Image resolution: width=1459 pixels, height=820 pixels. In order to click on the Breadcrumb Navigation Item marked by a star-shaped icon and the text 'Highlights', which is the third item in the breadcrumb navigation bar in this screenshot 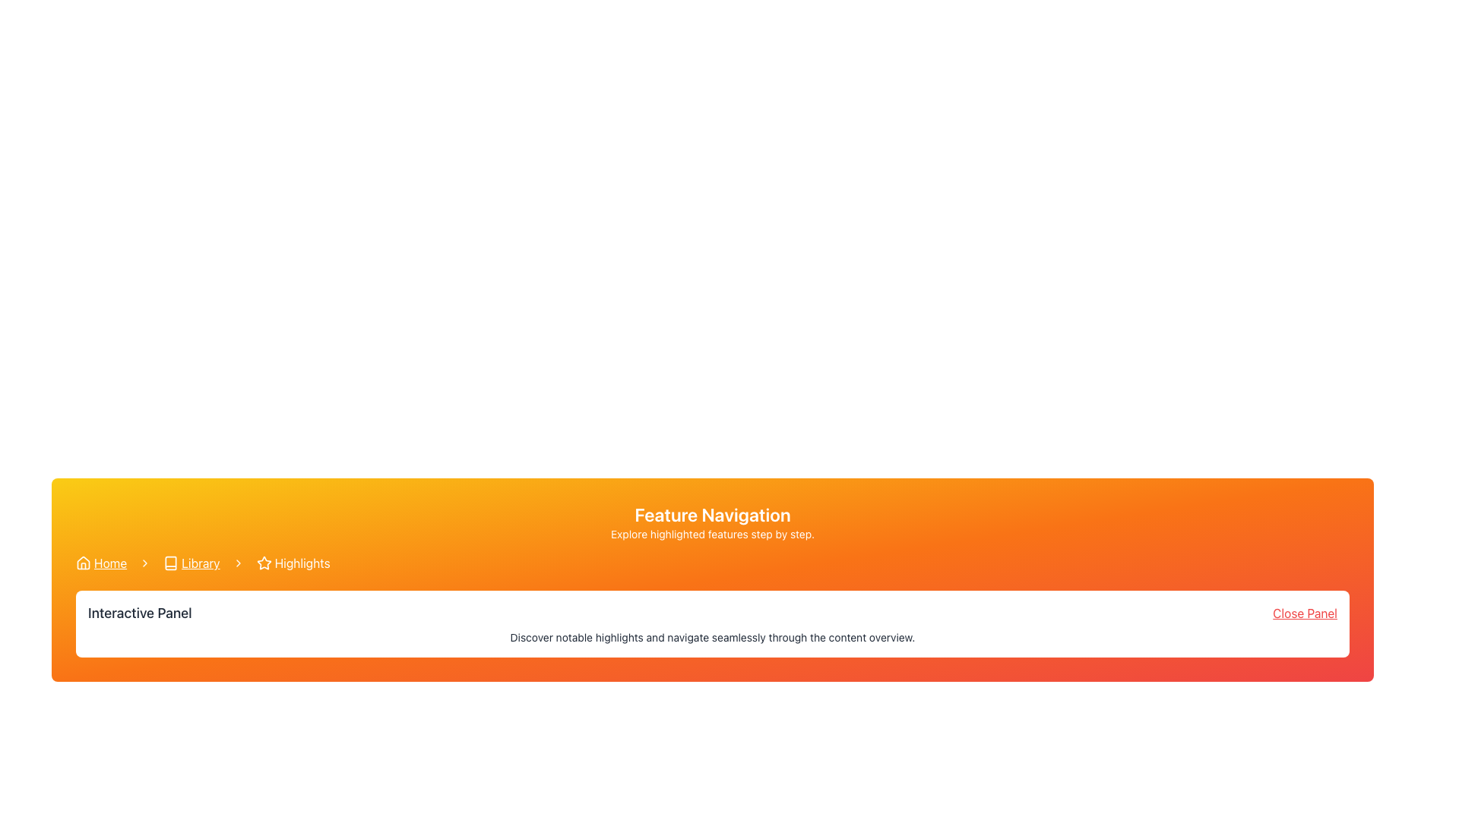, I will do `click(293, 563)`.